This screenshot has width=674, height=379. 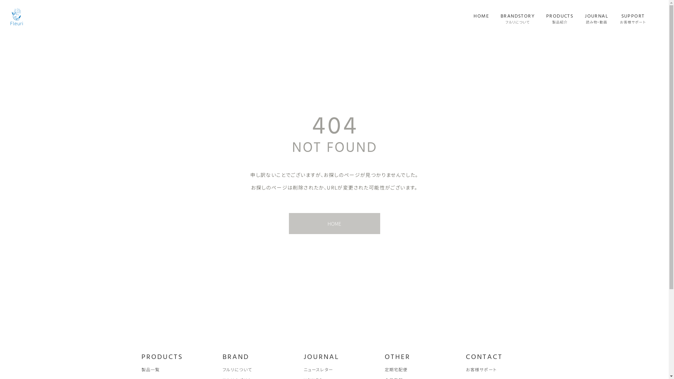 I want to click on 'CONTACT', so click(x=483, y=357).